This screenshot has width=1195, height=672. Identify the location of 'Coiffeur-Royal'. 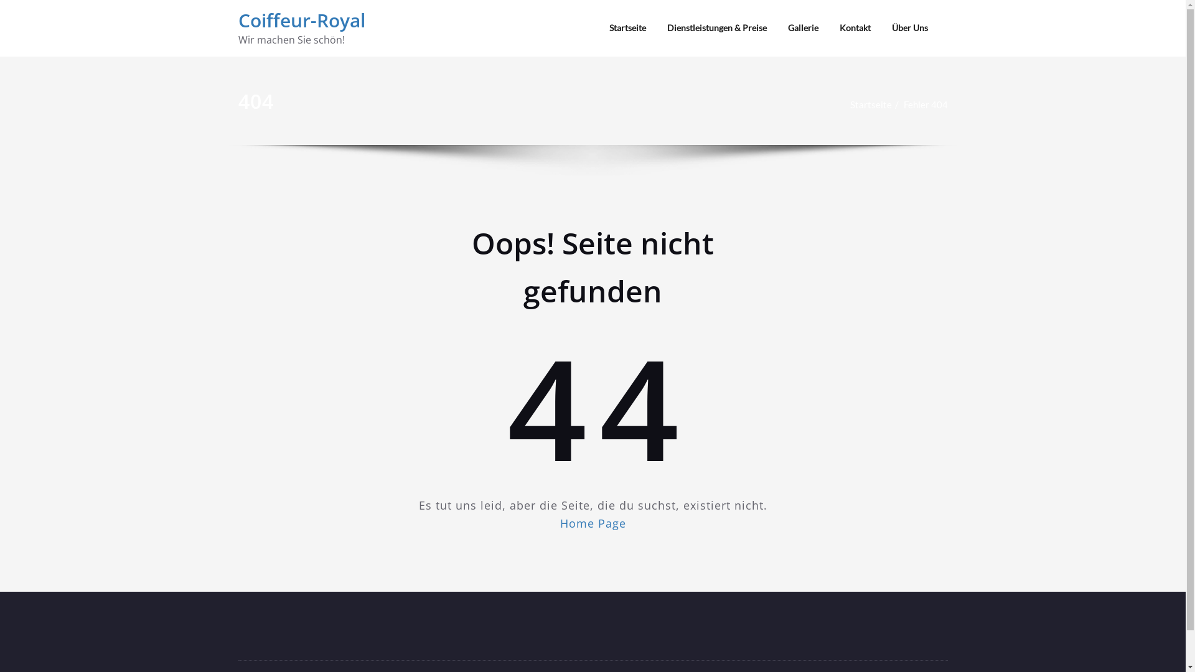
(301, 20).